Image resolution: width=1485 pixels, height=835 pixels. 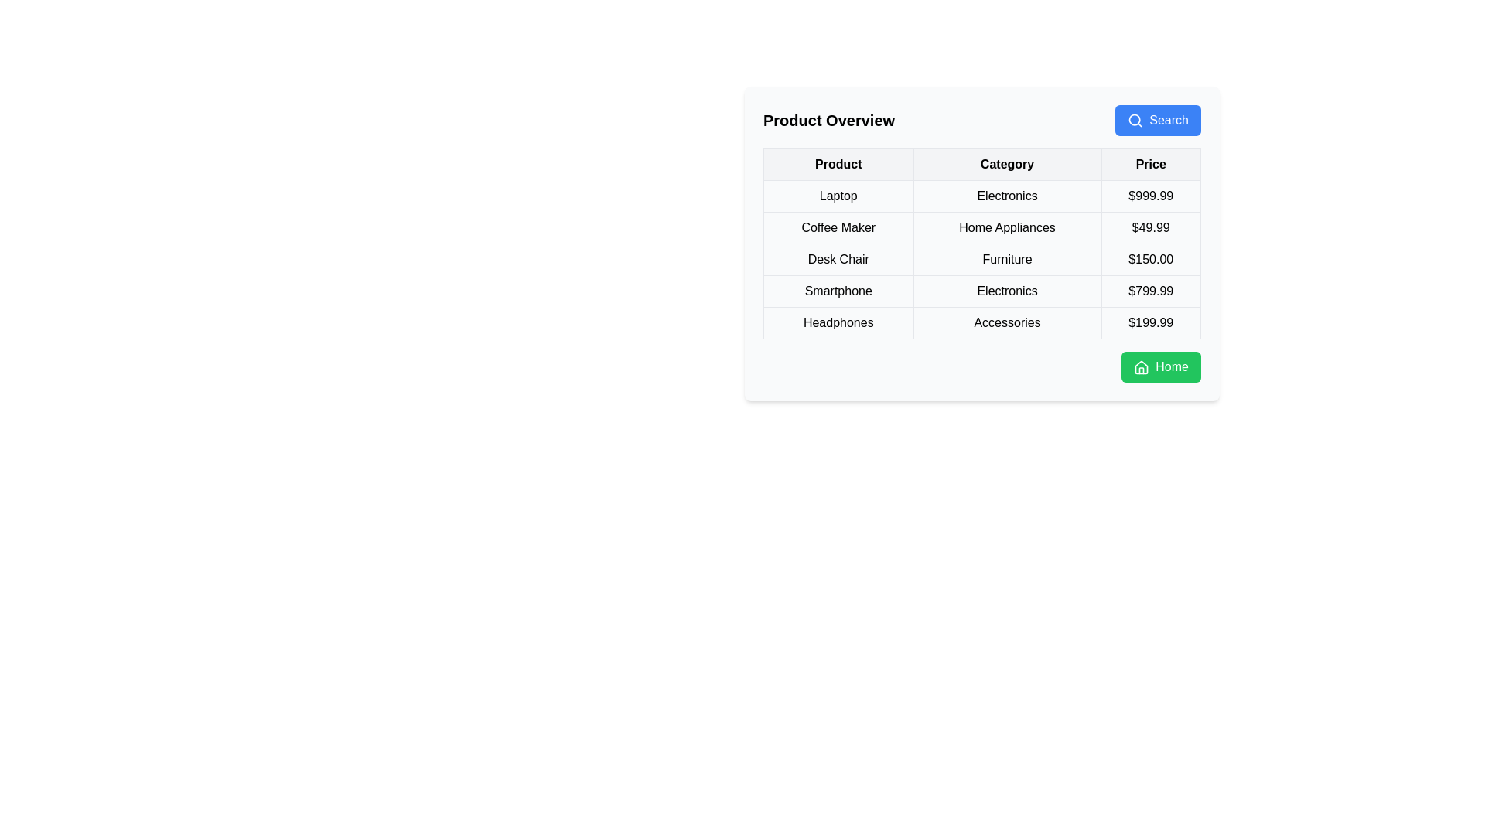 I want to click on the text label displaying the product name 'Laptop' in the first row of the product overview table, so click(x=838, y=196).